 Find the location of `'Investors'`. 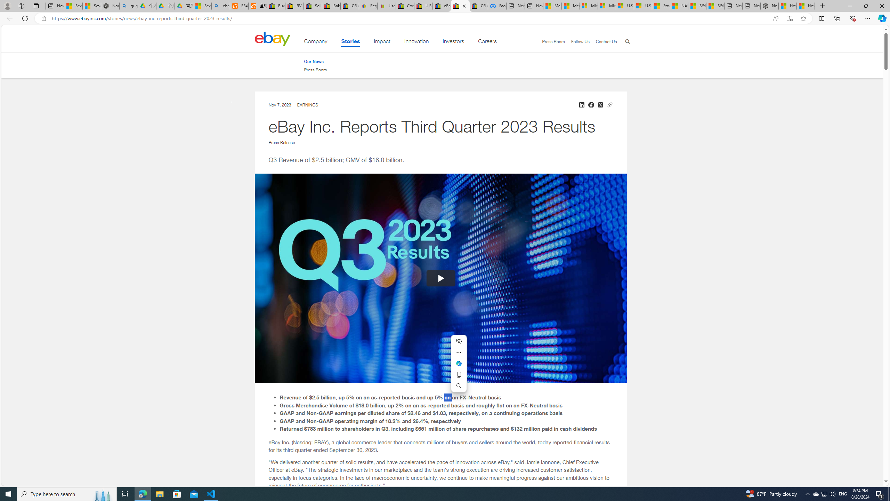

'Investors' is located at coordinates (453, 42).